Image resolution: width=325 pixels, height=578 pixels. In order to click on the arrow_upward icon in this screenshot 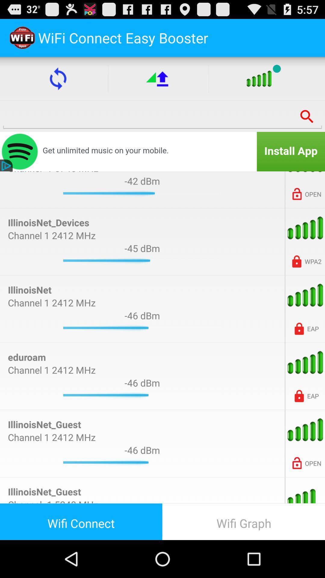, I will do `click(158, 84)`.